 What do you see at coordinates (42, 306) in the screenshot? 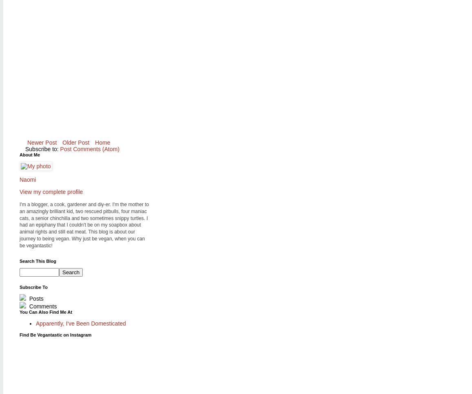
I see `'Comments'` at bounding box center [42, 306].